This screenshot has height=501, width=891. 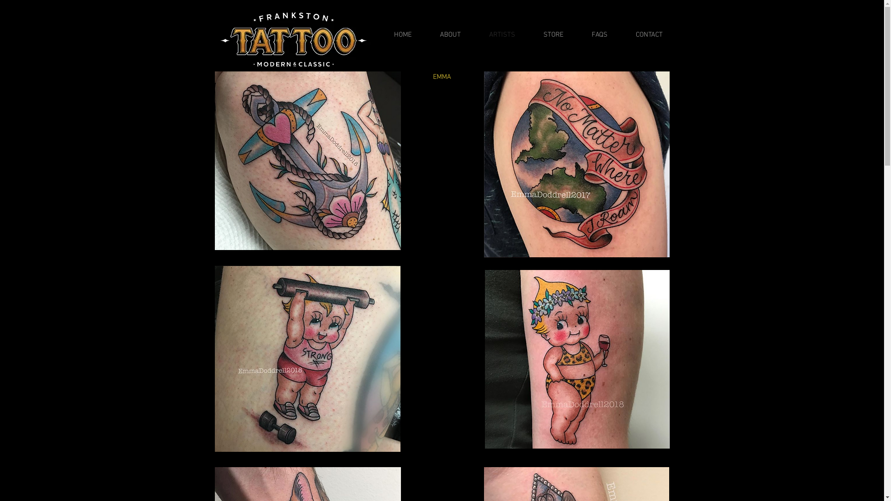 I want to click on 'STORE', so click(x=546, y=34).